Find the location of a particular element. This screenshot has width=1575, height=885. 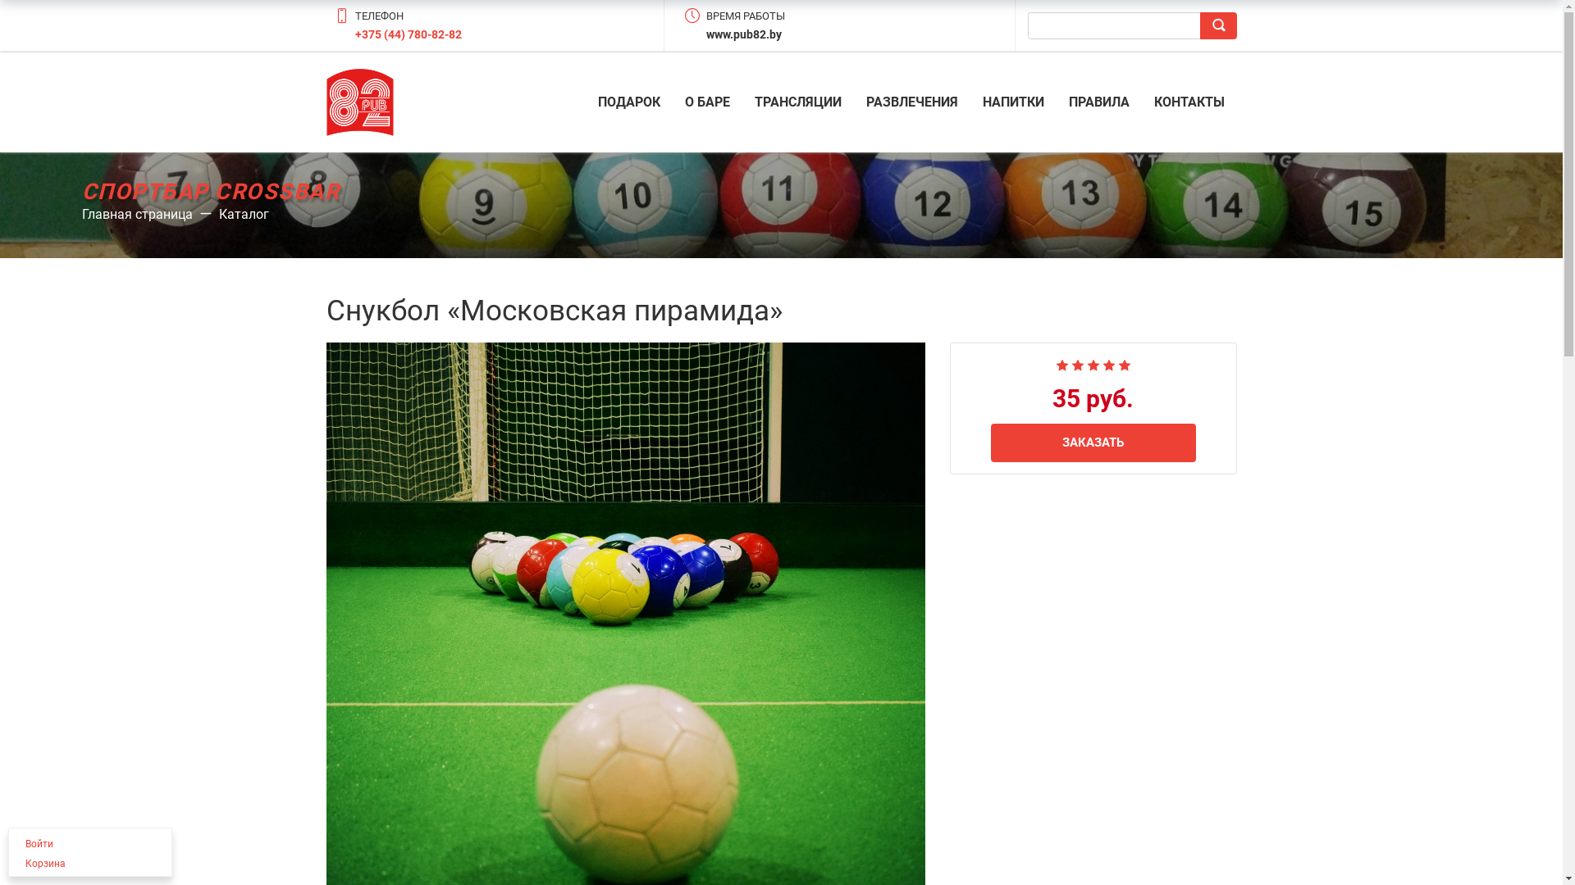

'2' is located at coordinates (1078, 362).